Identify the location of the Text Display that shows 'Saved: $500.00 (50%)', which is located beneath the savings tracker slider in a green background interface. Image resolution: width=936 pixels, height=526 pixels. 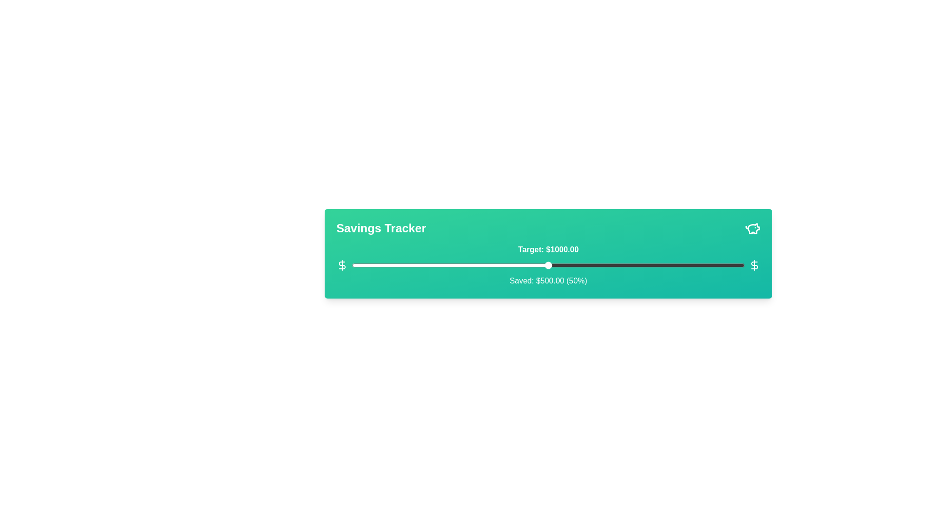
(548, 281).